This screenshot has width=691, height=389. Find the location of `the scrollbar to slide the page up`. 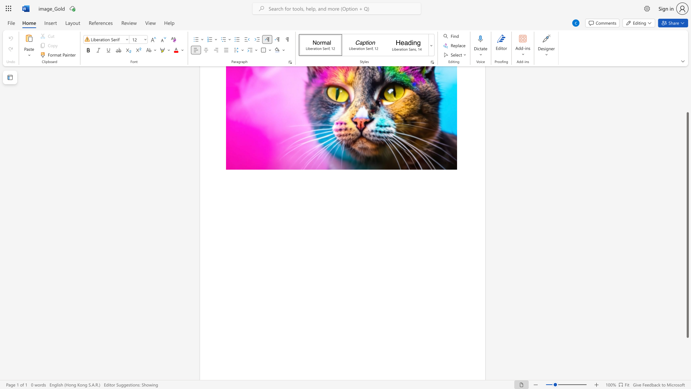

the scrollbar to slide the page up is located at coordinates (687, 79).